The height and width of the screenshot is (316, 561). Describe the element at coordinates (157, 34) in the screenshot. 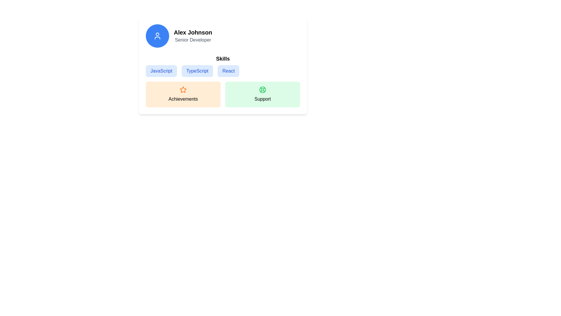

I see `the circular outline element located at the upper part of the 'user' icon, which is on the left side of the card header` at that location.